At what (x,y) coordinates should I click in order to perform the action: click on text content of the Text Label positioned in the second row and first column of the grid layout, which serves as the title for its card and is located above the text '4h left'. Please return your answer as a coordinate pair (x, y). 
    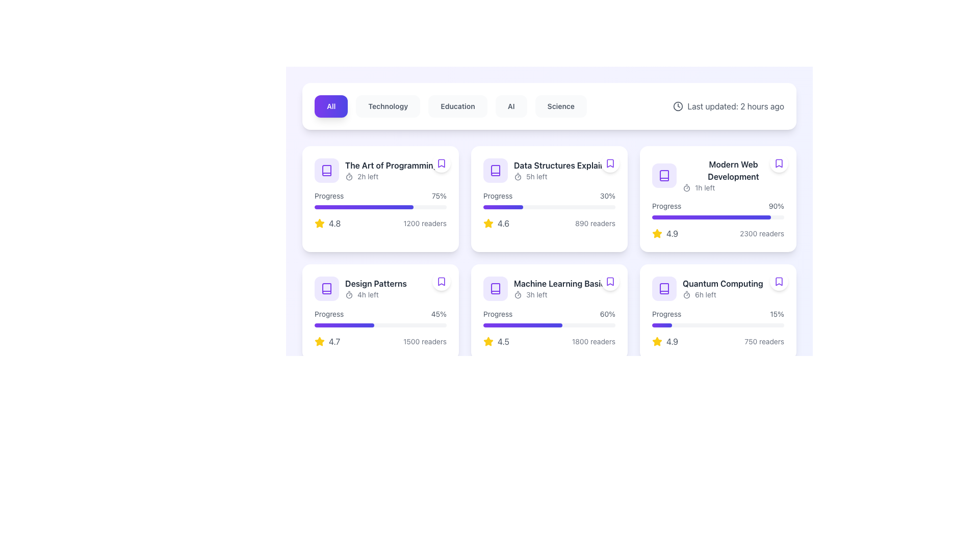
    Looking at the image, I should click on (375, 283).